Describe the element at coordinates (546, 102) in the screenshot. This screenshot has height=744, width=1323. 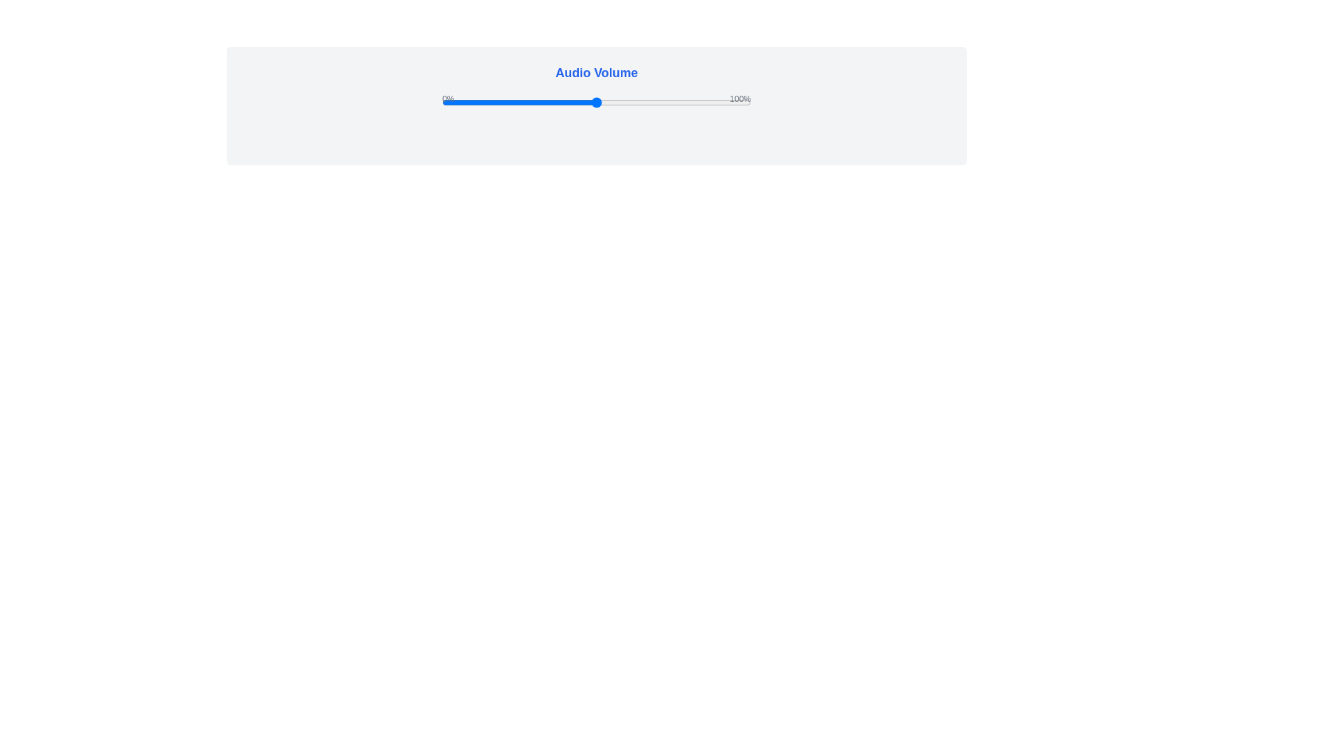
I see `the volume` at that location.